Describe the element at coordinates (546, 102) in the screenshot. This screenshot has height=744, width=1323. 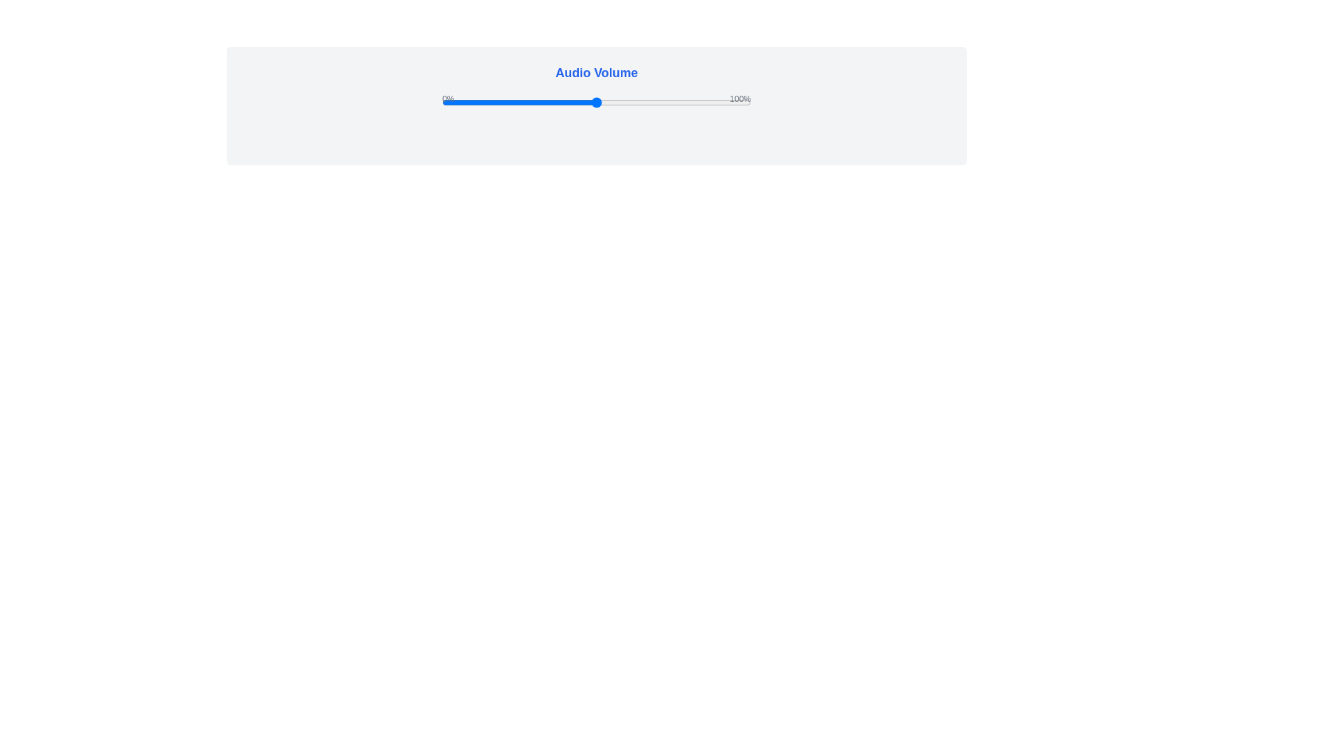
I see `the volume` at that location.